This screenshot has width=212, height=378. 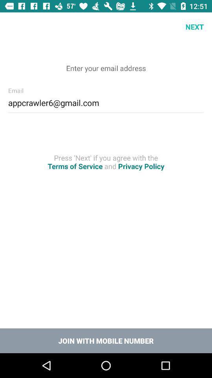 What do you see at coordinates (106, 101) in the screenshot?
I see `the icon above press next if item` at bounding box center [106, 101].